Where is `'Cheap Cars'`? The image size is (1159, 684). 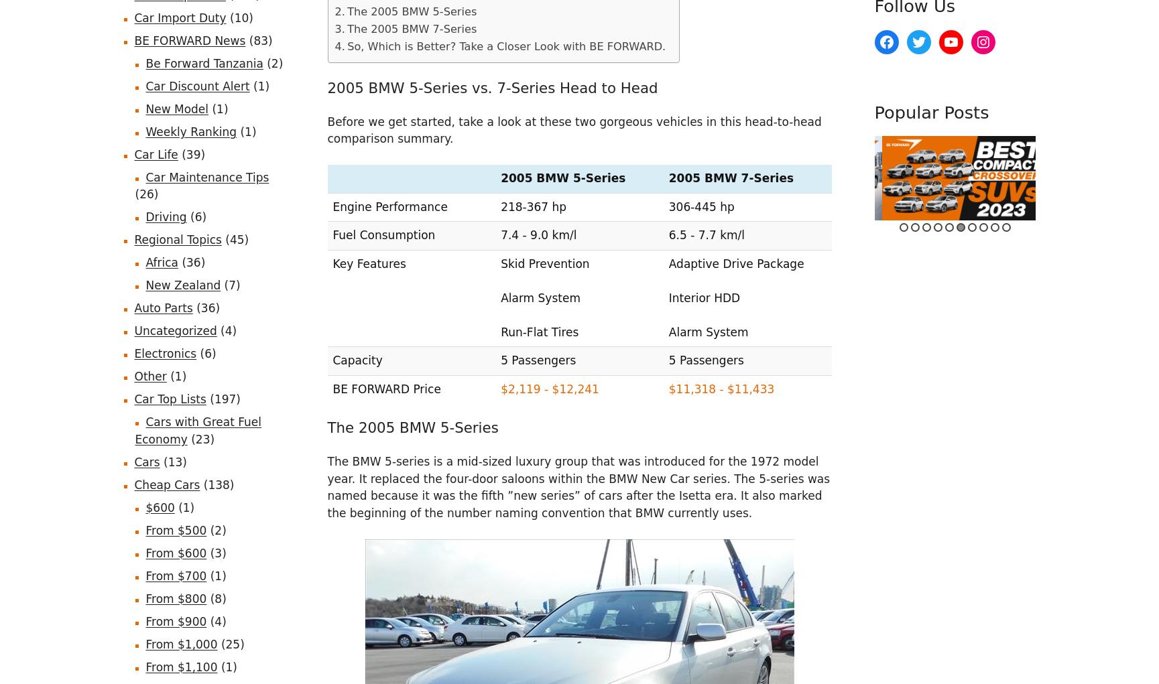
'Cheap Cars' is located at coordinates (166, 483).